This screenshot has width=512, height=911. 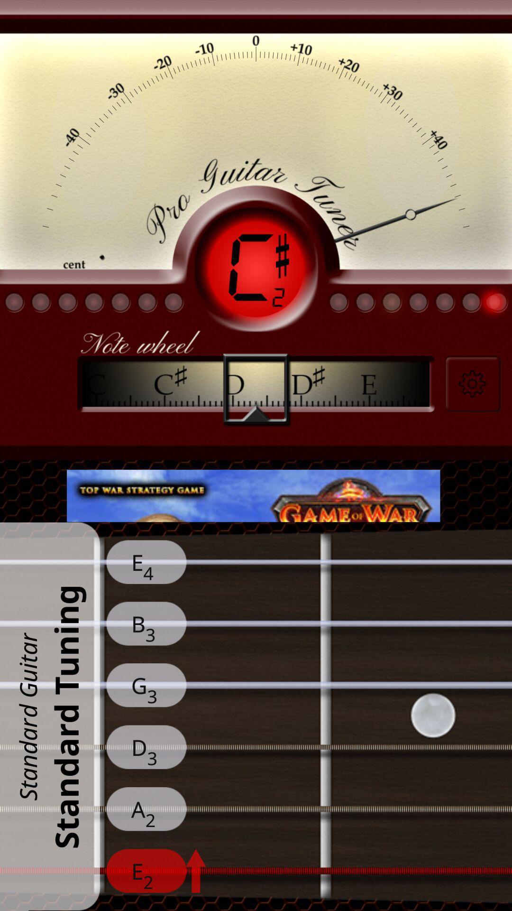 What do you see at coordinates (338, 302) in the screenshot?
I see `the first round which is below tuner` at bounding box center [338, 302].